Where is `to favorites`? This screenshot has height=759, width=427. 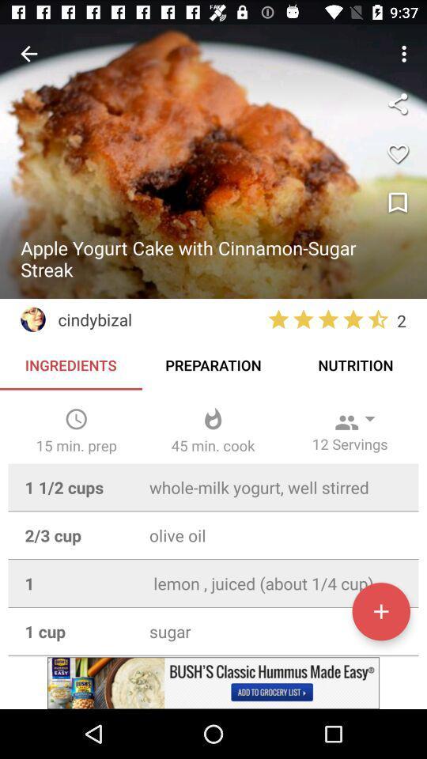 to favorites is located at coordinates (397, 153).